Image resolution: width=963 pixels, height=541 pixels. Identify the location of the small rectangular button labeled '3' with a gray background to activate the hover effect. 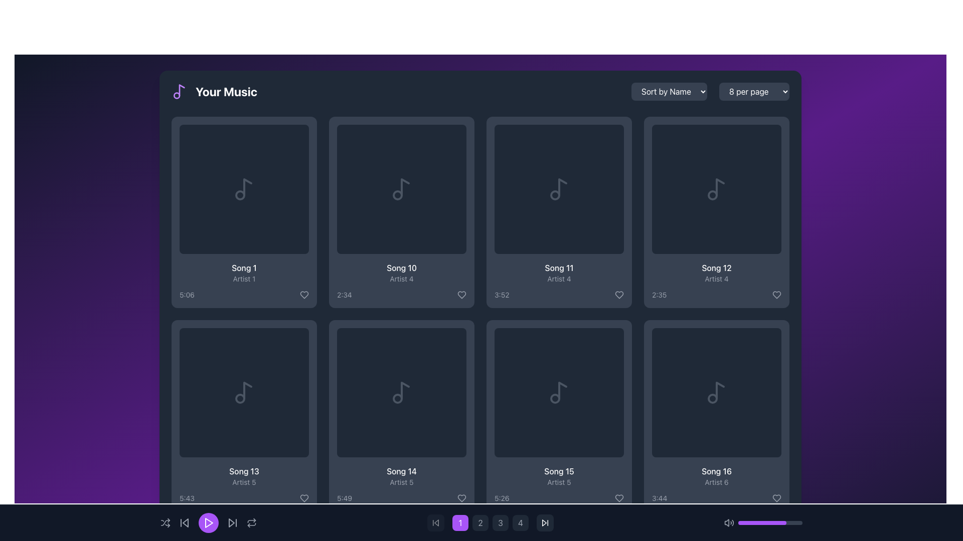
(501, 522).